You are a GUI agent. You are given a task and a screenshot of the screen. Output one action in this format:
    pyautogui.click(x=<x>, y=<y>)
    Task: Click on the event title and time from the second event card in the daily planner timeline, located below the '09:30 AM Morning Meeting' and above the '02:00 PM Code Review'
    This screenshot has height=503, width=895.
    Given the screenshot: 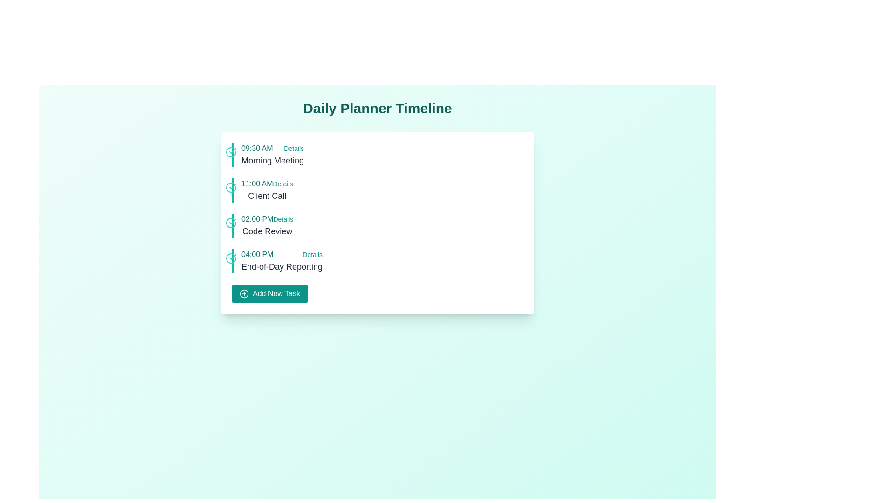 What is the action you would take?
    pyautogui.click(x=378, y=190)
    